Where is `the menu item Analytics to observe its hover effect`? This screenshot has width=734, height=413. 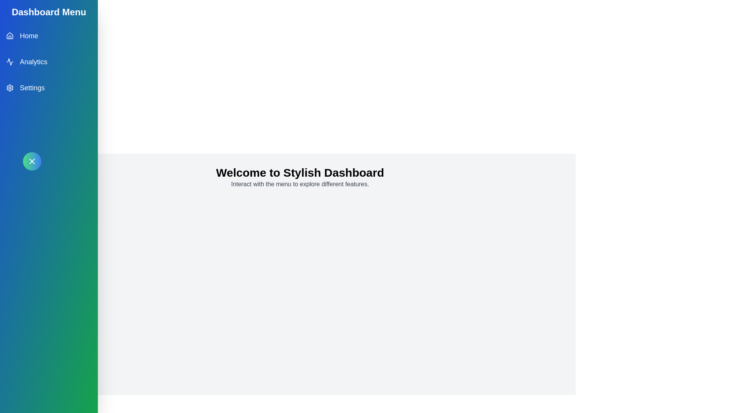 the menu item Analytics to observe its hover effect is located at coordinates (49, 62).